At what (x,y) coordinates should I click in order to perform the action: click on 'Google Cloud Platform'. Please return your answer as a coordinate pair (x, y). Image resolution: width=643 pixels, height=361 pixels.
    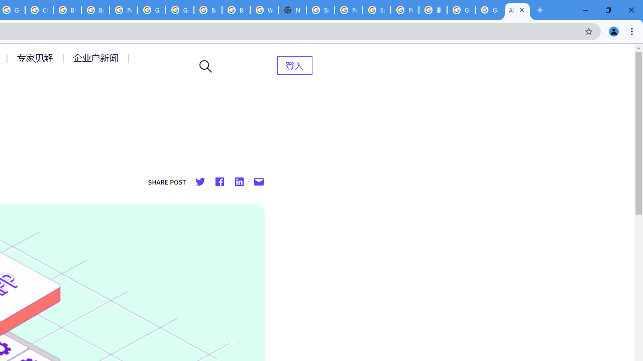
    Looking at the image, I should click on (151, 10).